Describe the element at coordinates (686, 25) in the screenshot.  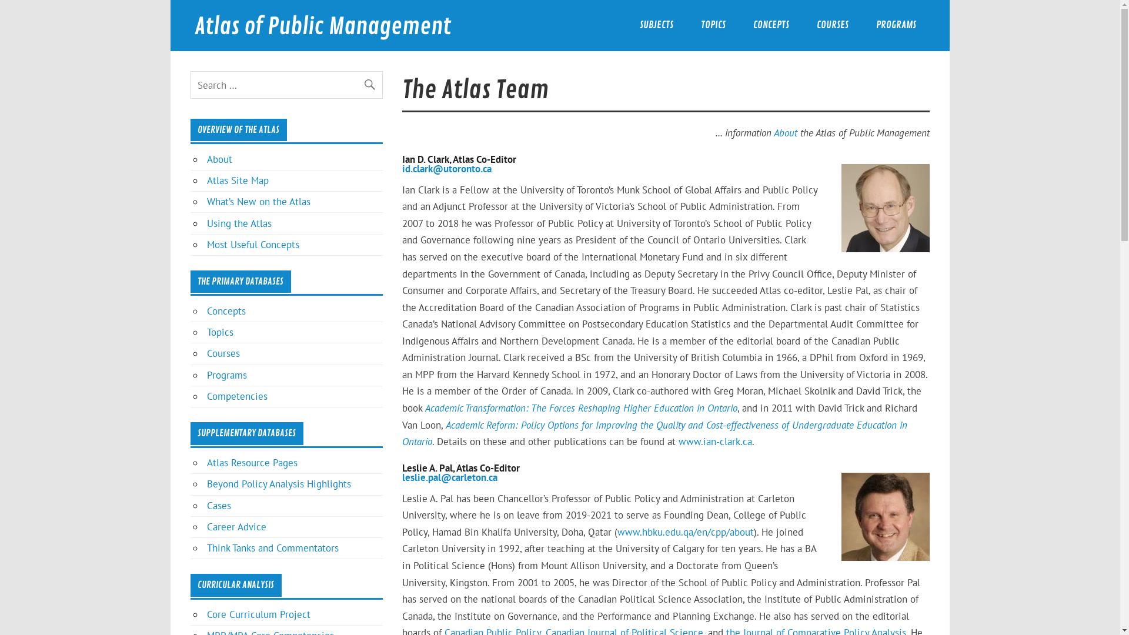
I see `'TOPICS'` at that location.